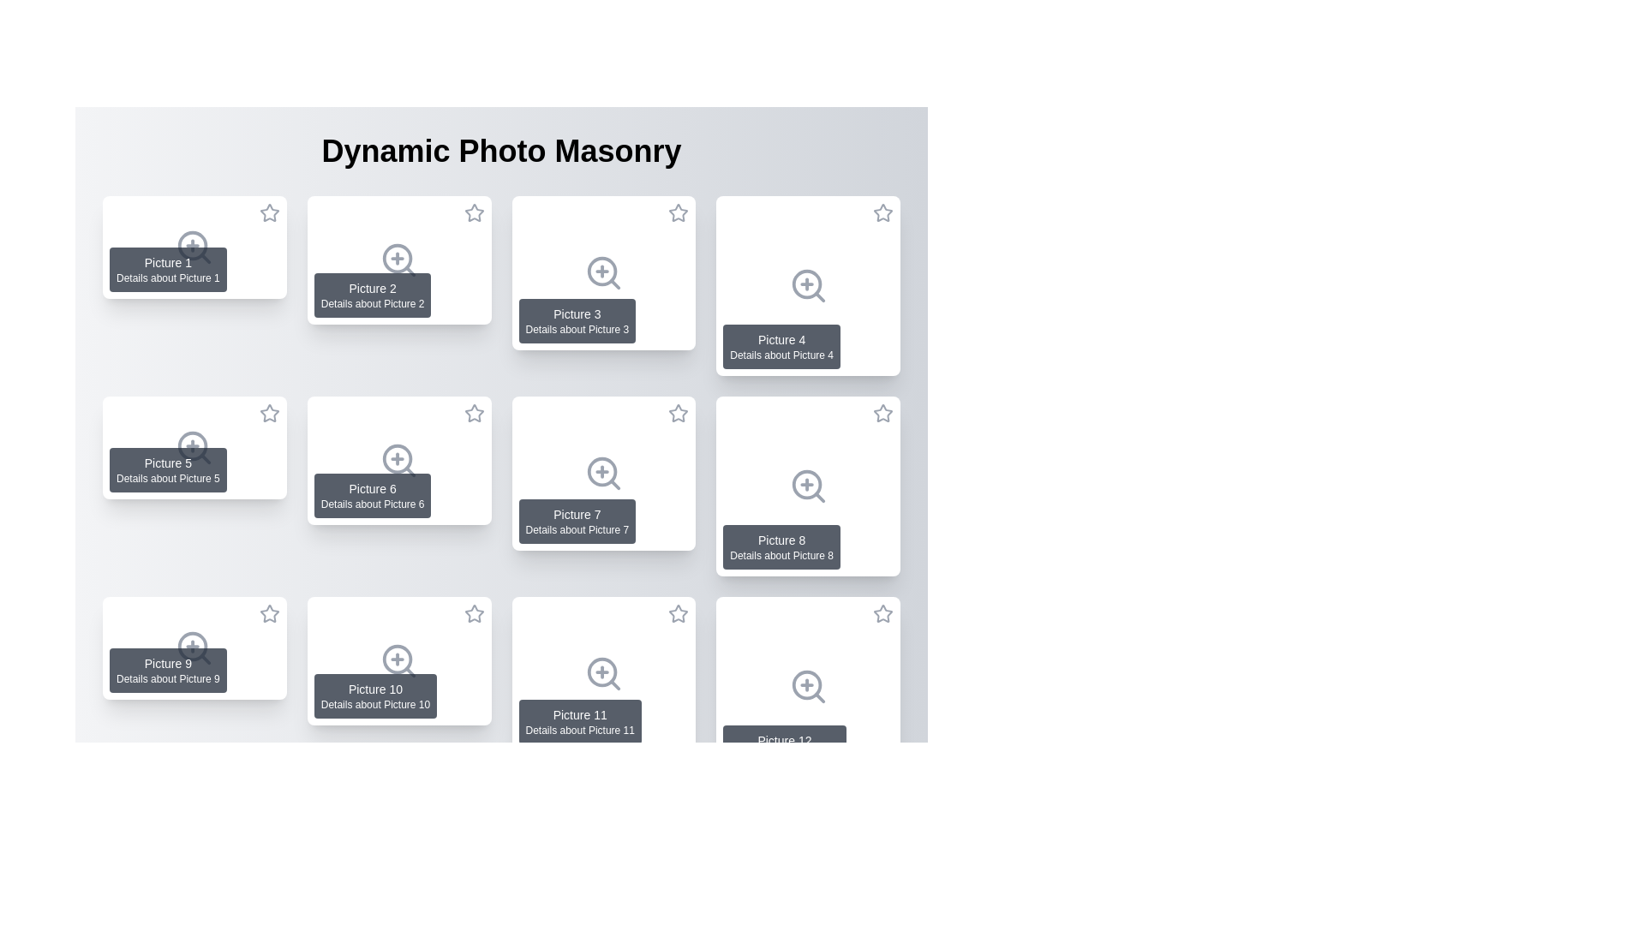 This screenshot has height=925, width=1645. What do you see at coordinates (398, 260) in the screenshot?
I see `the zoom-in icon on the 'Picture 2' card located in the top row, second column of the grid layout` at bounding box center [398, 260].